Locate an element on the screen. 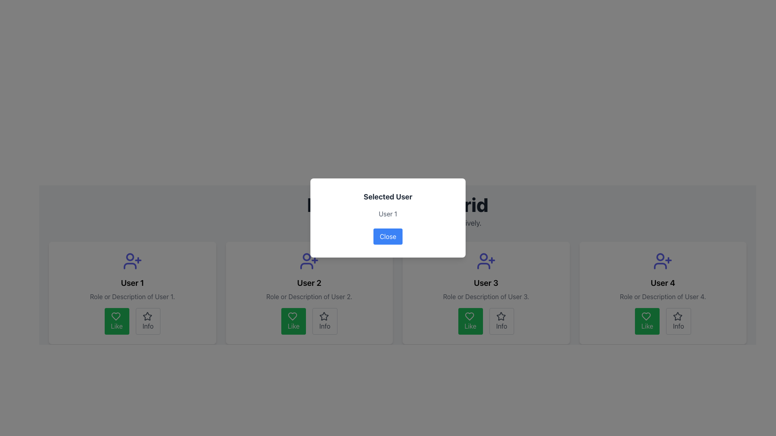 Image resolution: width=776 pixels, height=436 pixels. the green 'Like' button with a heart icon located at the bottom of the card presenting information about 'User 4' is located at coordinates (663, 293).